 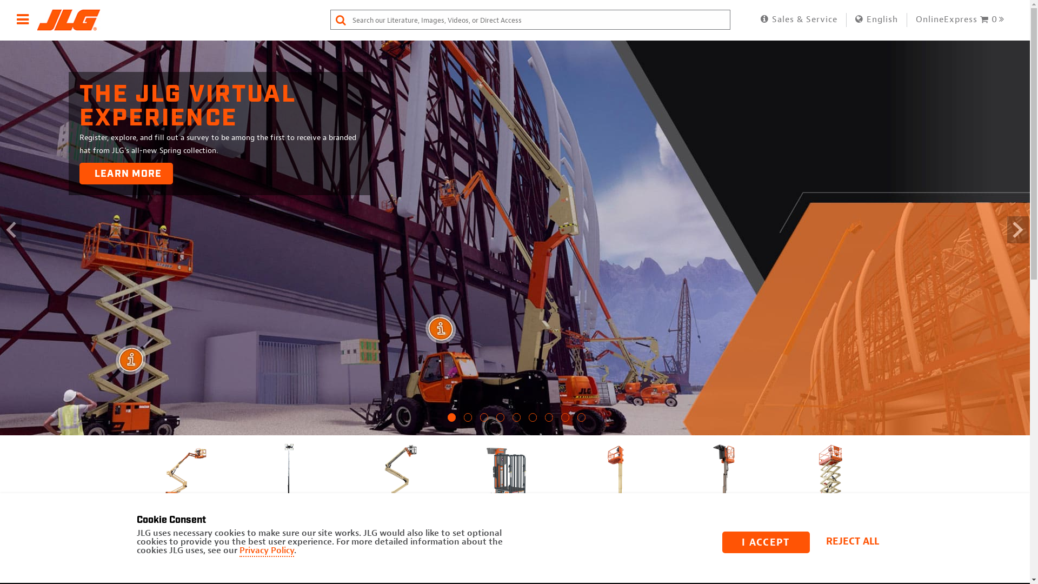 I want to click on '1', so click(x=451, y=421).